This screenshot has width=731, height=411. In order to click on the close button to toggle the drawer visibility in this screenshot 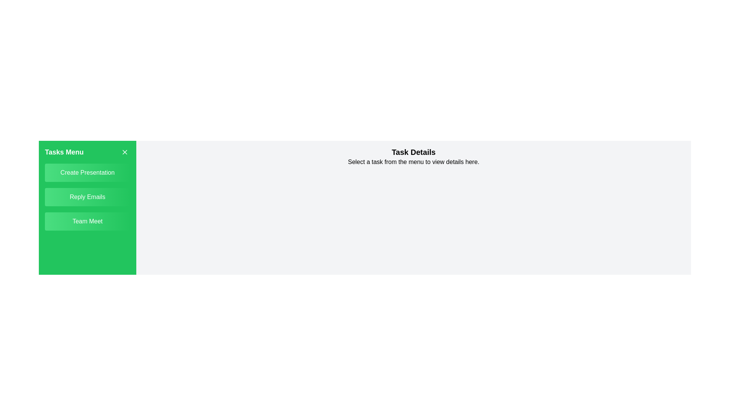, I will do `click(124, 152)`.